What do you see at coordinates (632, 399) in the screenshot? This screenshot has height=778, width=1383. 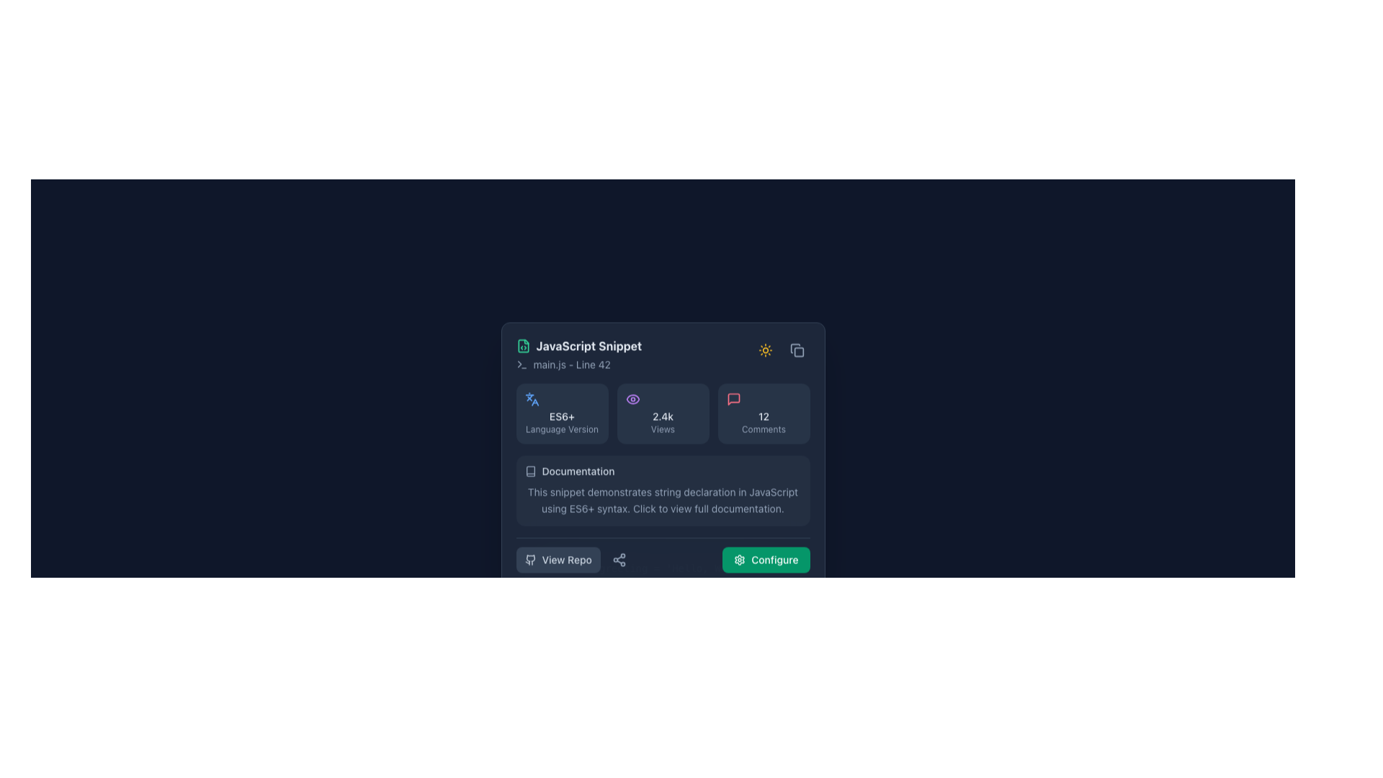 I see `the icon representing views or visibility that is positioned in the top-left corner of the section displaying '2.4k Views'` at bounding box center [632, 399].